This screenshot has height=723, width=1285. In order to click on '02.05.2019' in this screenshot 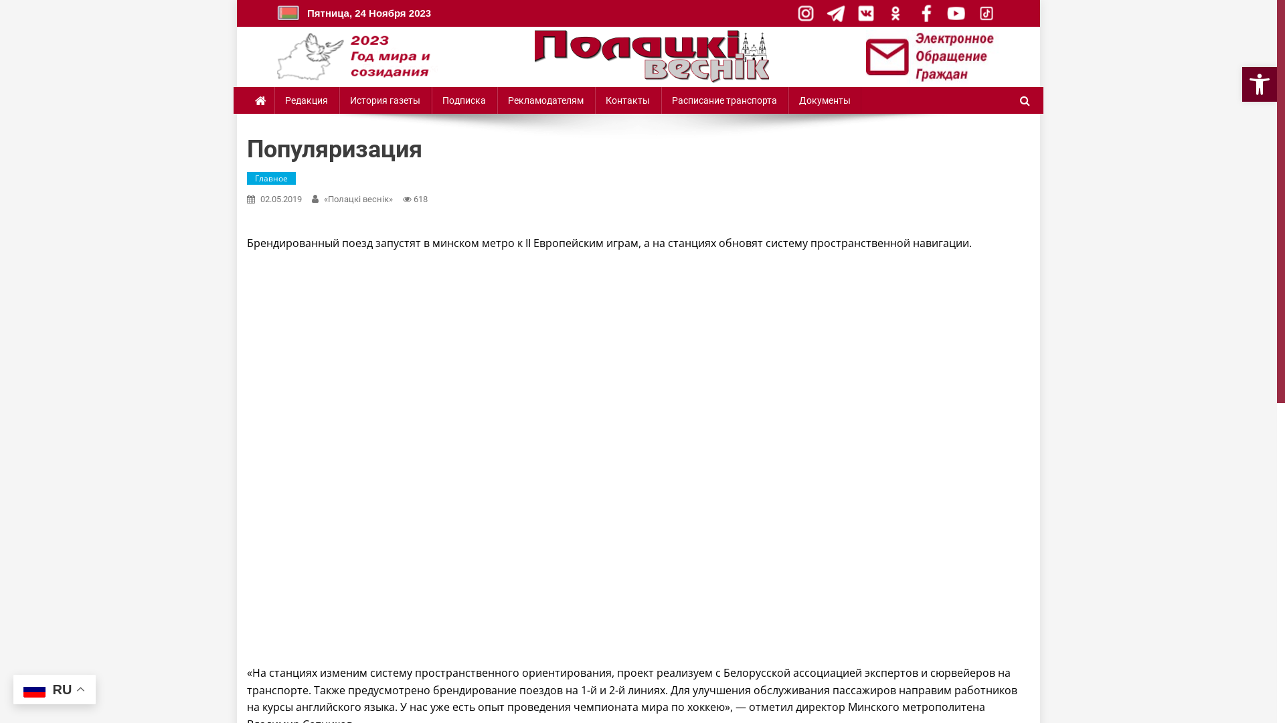, I will do `click(280, 199)`.